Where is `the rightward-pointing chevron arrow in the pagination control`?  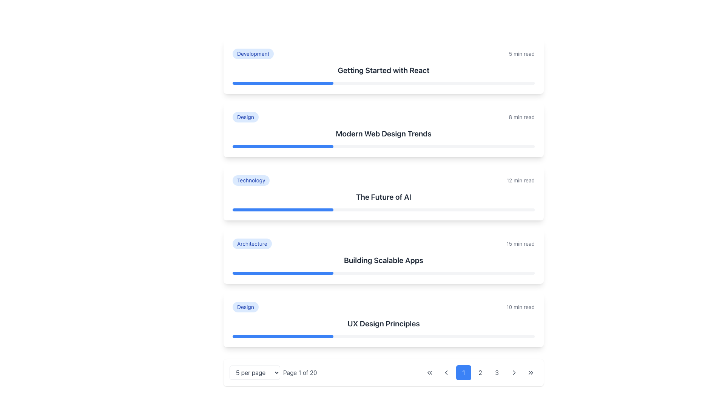 the rightward-pointing chevron arrow in the pagination control is located at coordinates (514, 372).